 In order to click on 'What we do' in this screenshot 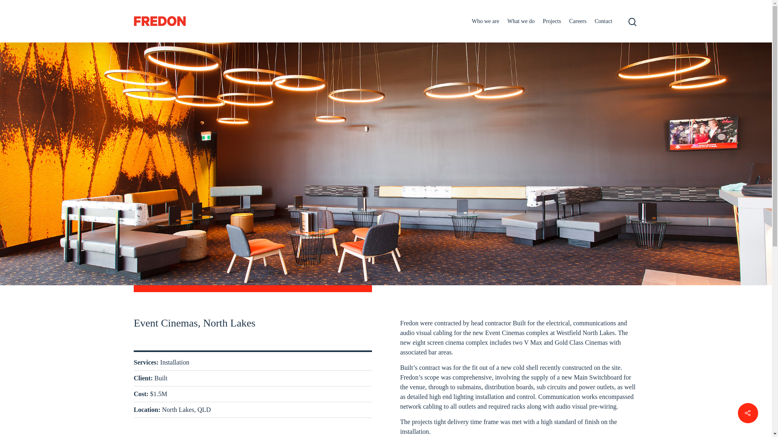, I will do `click(521, 20)`.